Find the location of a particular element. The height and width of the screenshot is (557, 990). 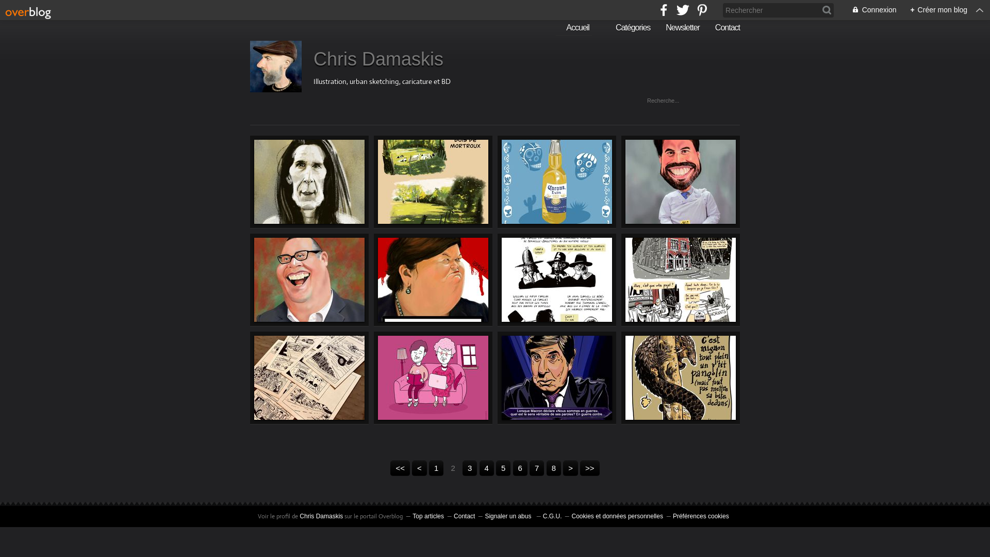

'7' is located at coordinates (536, 468).